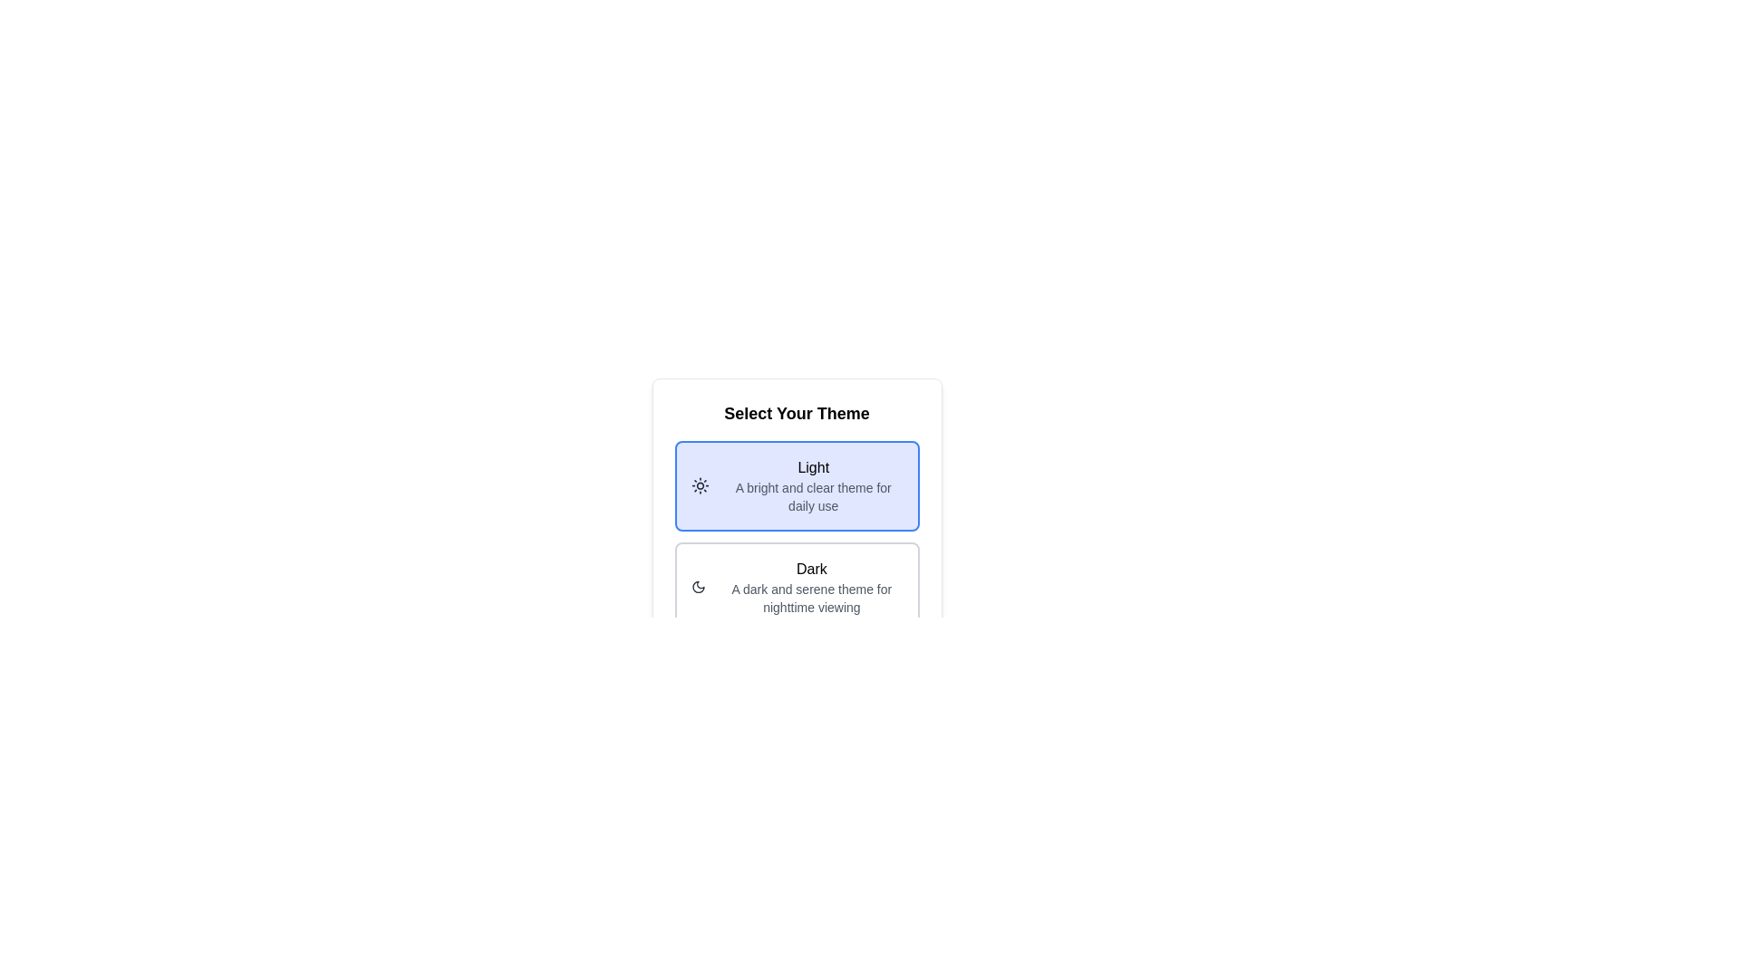 The width and height of the screenshot is (1740, 978). I want to click on displayed text of the Text display component titled 'Dark', which contains the description 'A dark and serene theme for nighttime viewing', so click(810, 587).